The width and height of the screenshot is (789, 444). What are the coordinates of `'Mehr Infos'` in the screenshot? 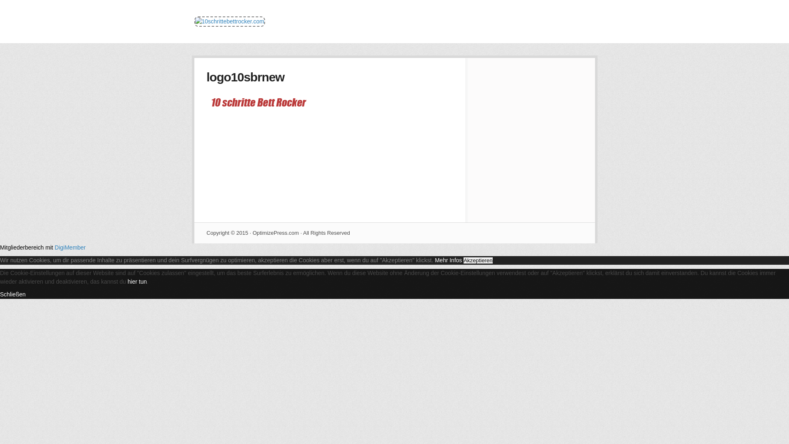 It's located at (448, 260).